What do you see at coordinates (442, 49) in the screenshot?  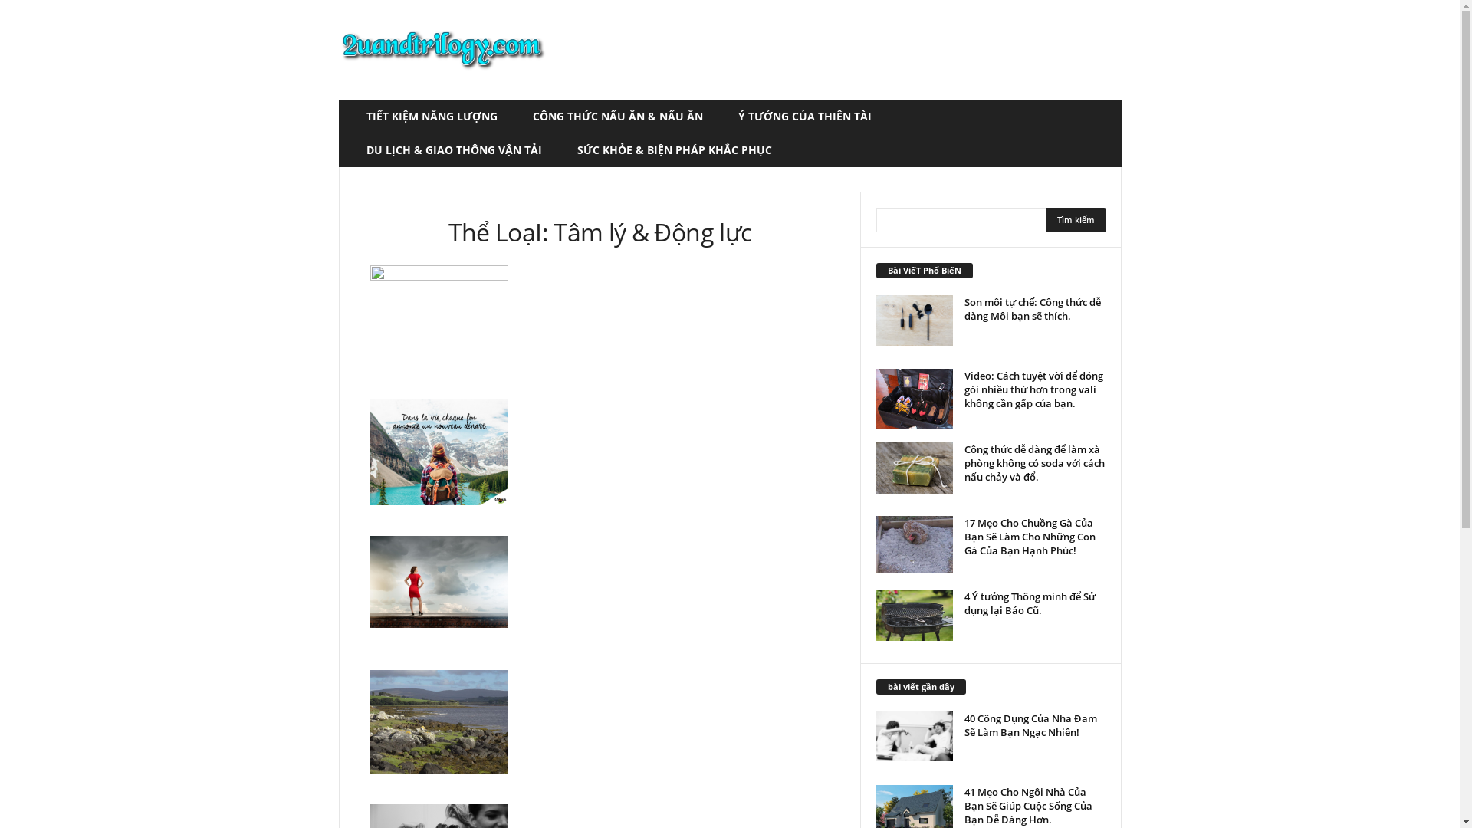 I see `'2uandtrilogy.com'` at bounding box center [442, 49].